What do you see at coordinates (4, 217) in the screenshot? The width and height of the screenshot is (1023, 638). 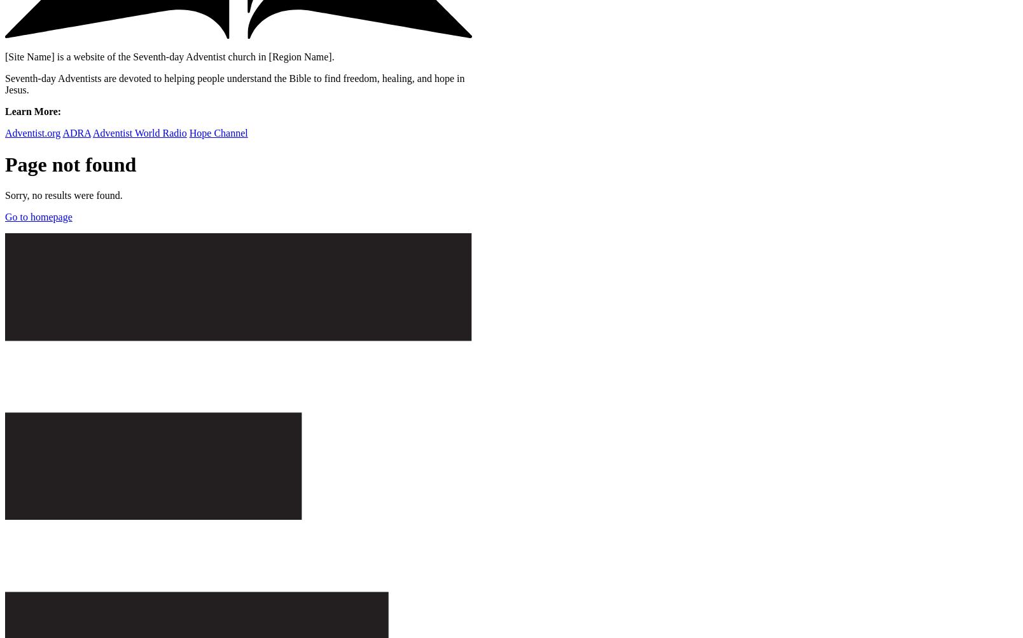 I see `'Go to homepage'` at bounding box center [4, 217].